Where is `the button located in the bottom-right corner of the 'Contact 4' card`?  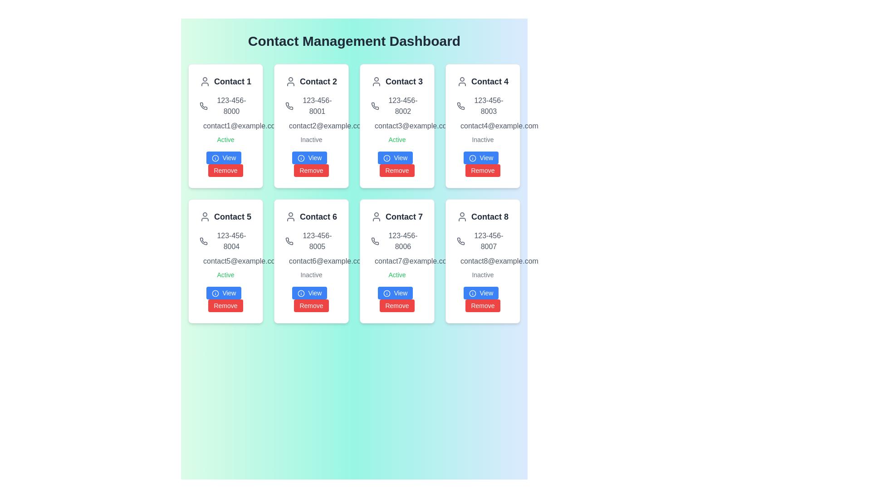
the button located in the bottom-right corner of the 'Contact 4' card is located at coordinates (482, 164).